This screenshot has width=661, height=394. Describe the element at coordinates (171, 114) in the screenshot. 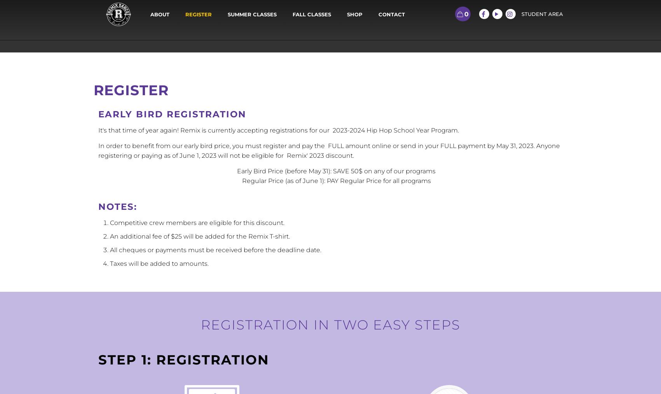

I see `'Early Bird Registration'` at that location.